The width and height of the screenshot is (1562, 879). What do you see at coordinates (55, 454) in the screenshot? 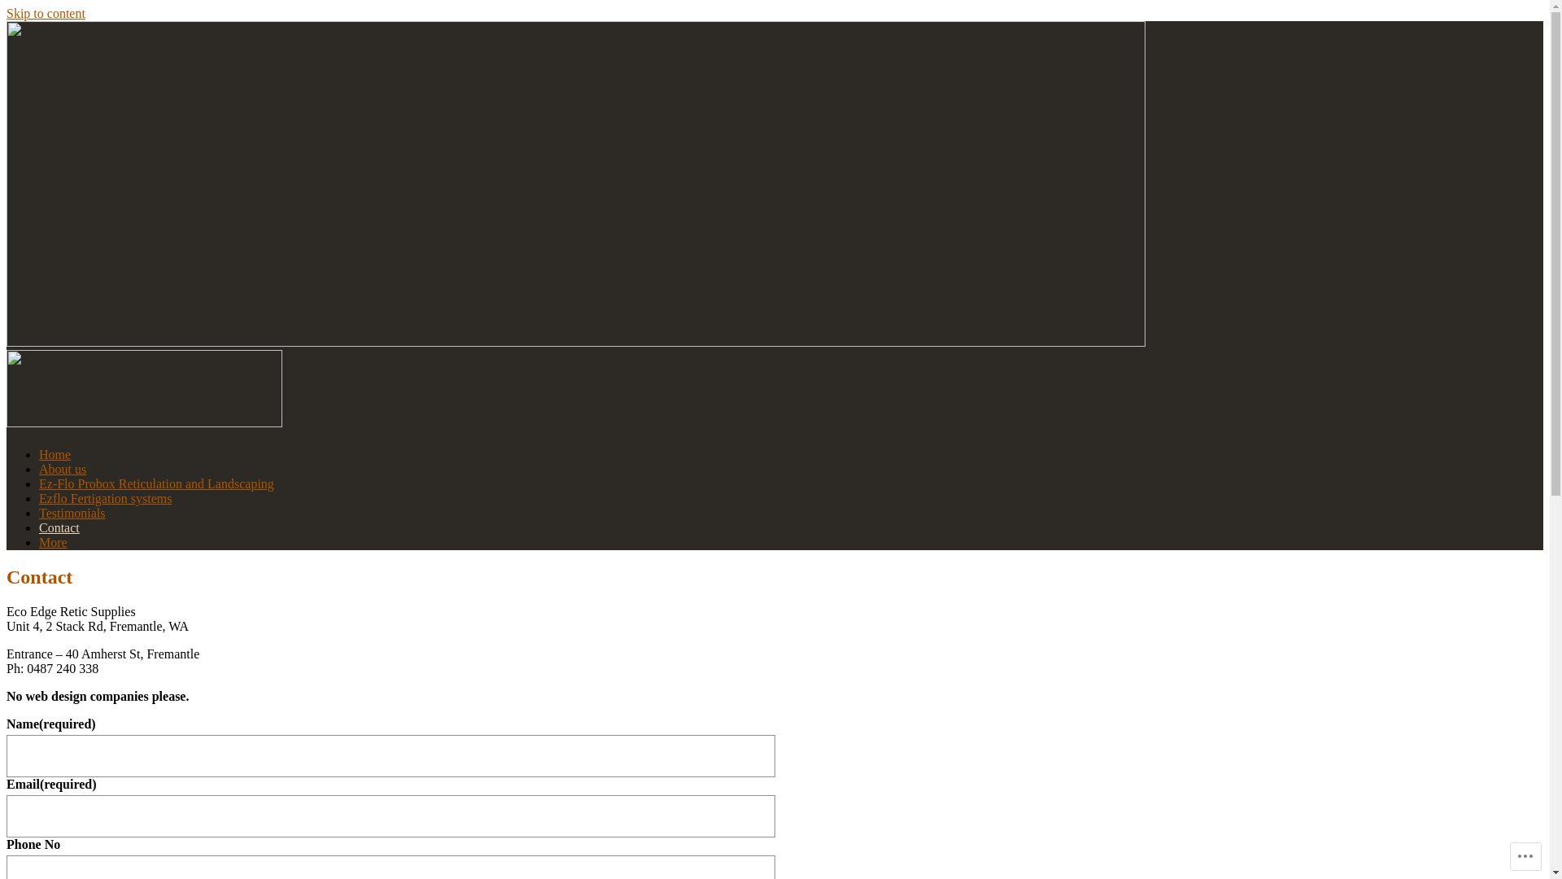
I see `'Home'` at bounding box center [55, 454].